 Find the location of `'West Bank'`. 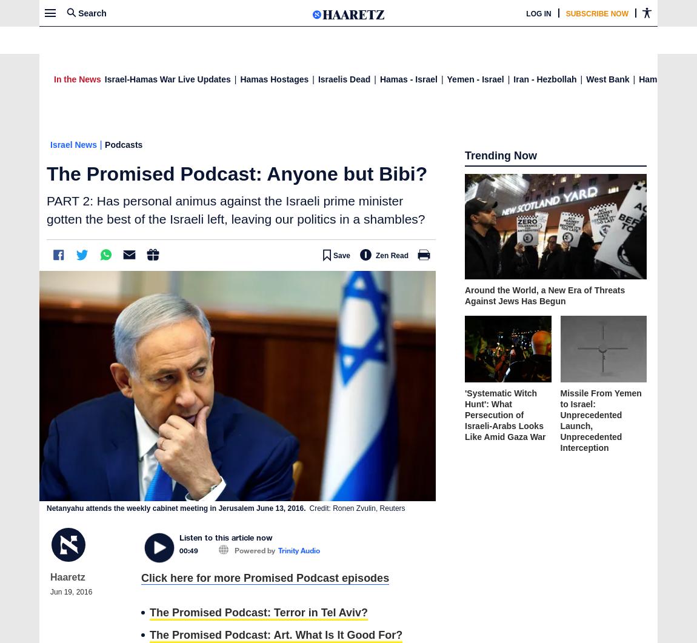

'West Bank' is located at coordinates (607, 79).